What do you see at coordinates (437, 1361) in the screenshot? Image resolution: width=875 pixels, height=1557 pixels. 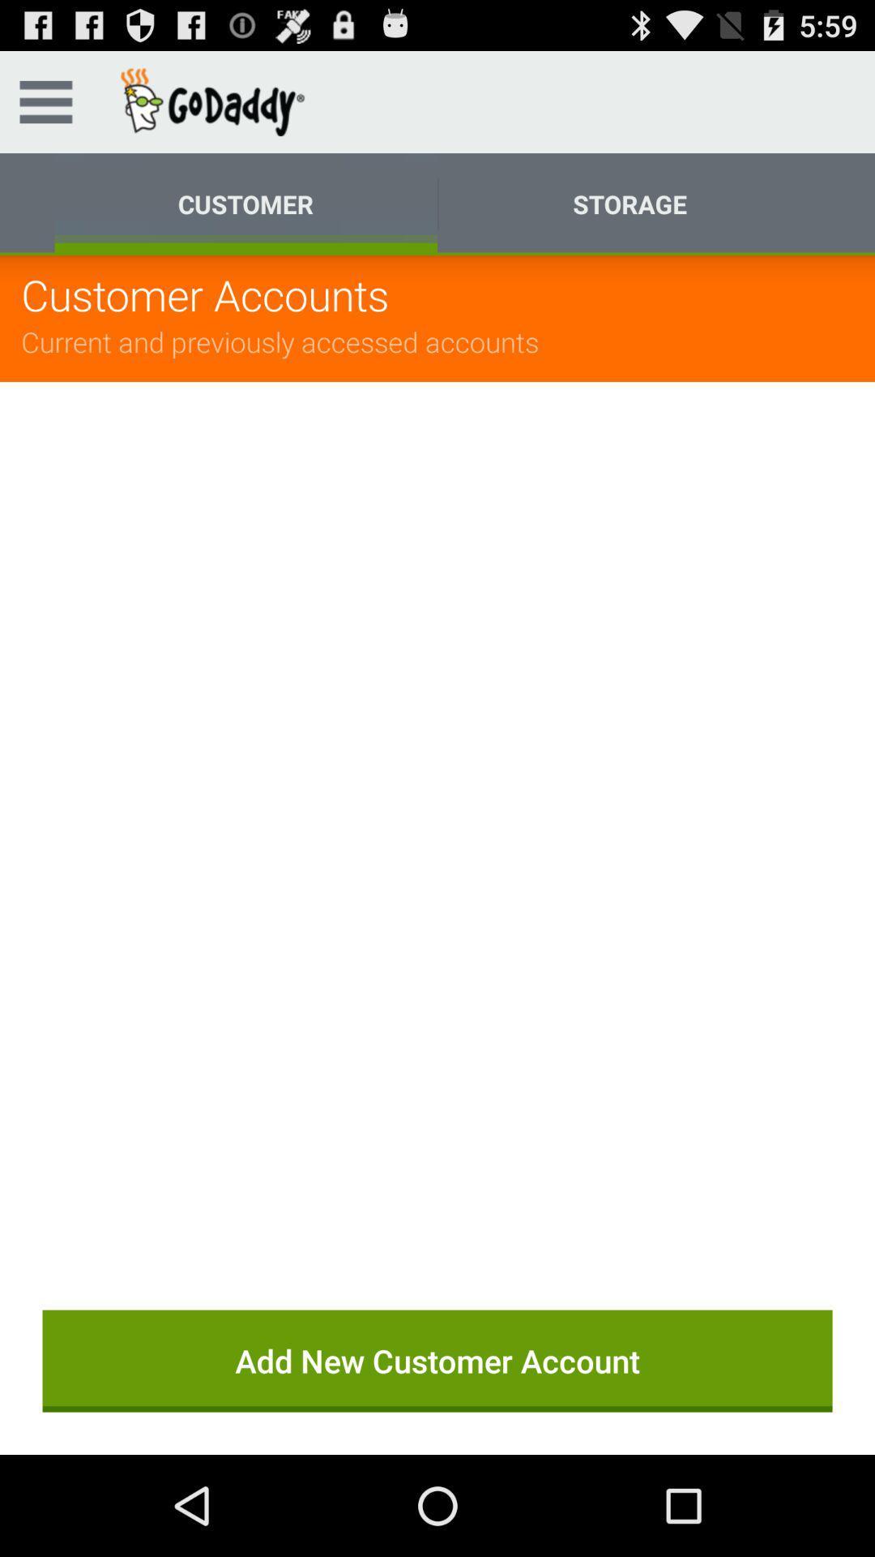 I see `add new customer icon` at bounding box center [437, 1361].